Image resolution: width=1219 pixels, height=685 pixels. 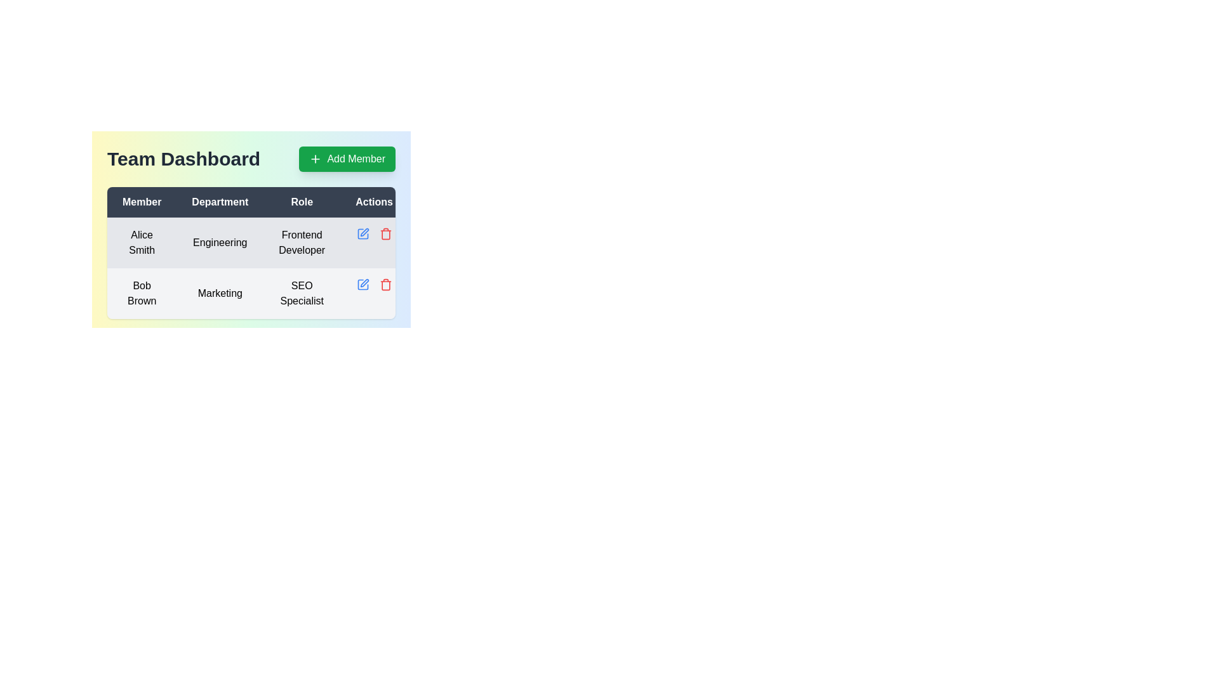 I want to click on the action control group containing the blue 'edit' icon and the red 'delete' icon in the 'Actions' column for 'Alice Smith', so click(x=373, y=234).